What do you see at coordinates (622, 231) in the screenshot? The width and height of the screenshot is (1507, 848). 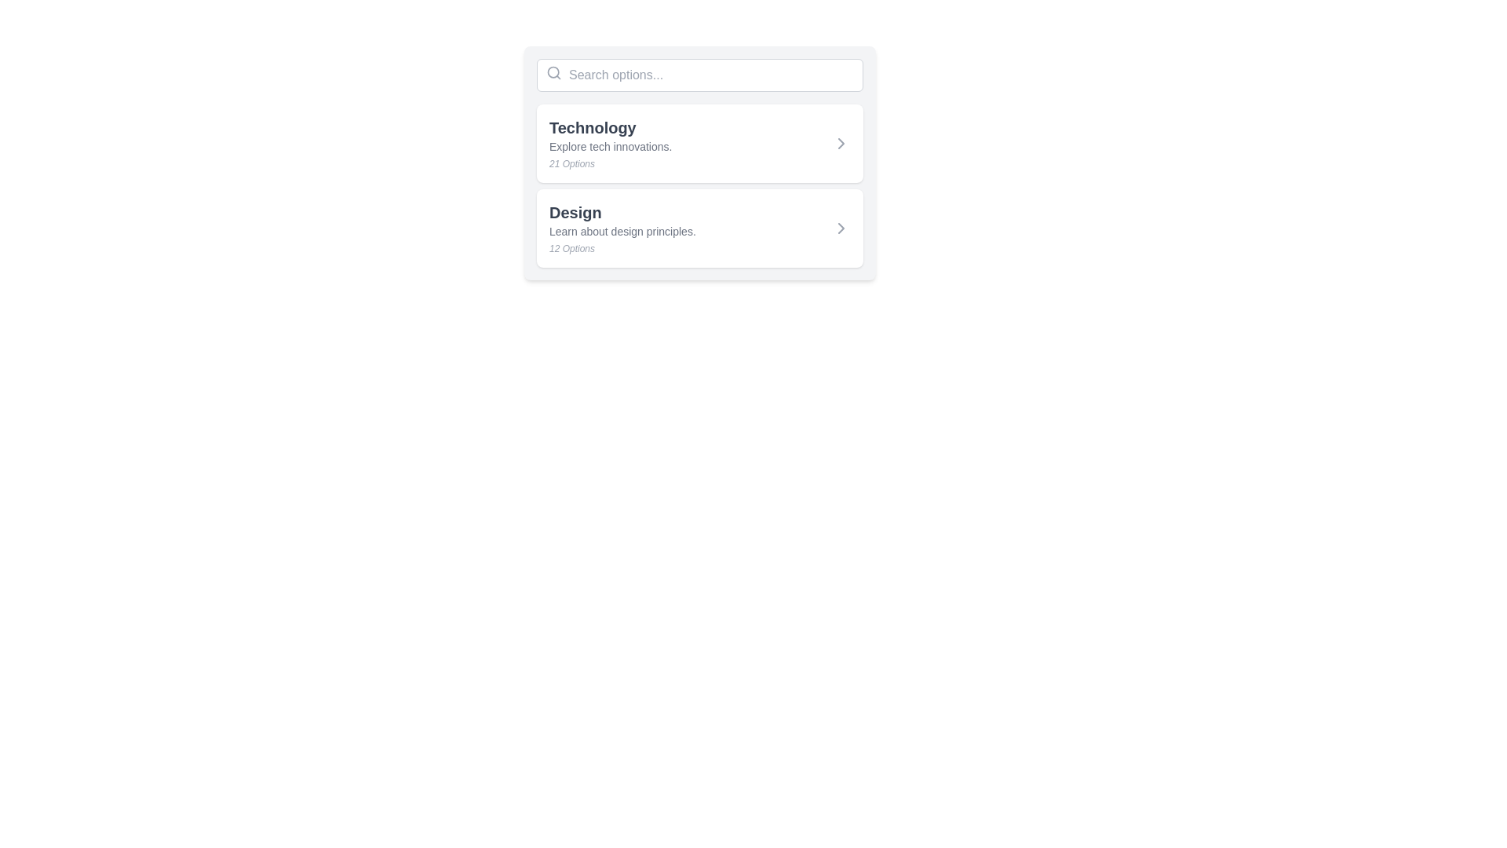 I see `the static text displaying 'Learn about design principles.' which is located below the title 'Design' and above '12 Options.'` at bounding box center [622, 231].